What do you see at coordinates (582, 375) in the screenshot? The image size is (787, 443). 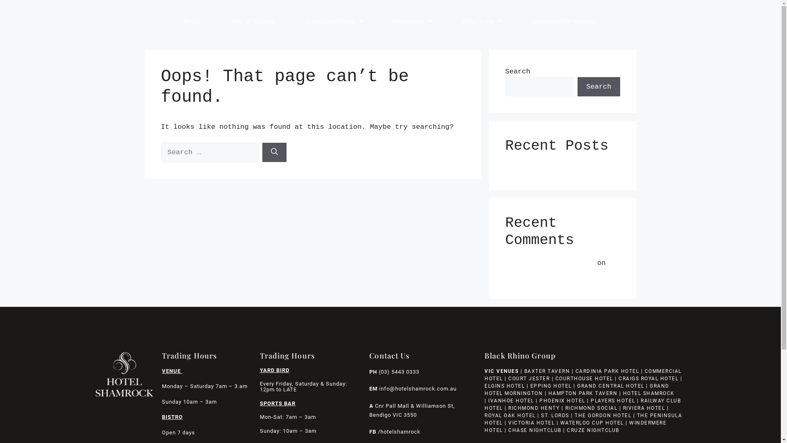 I see `'COMMERCIAL HOTEL'` at bounding box center [582, 375].